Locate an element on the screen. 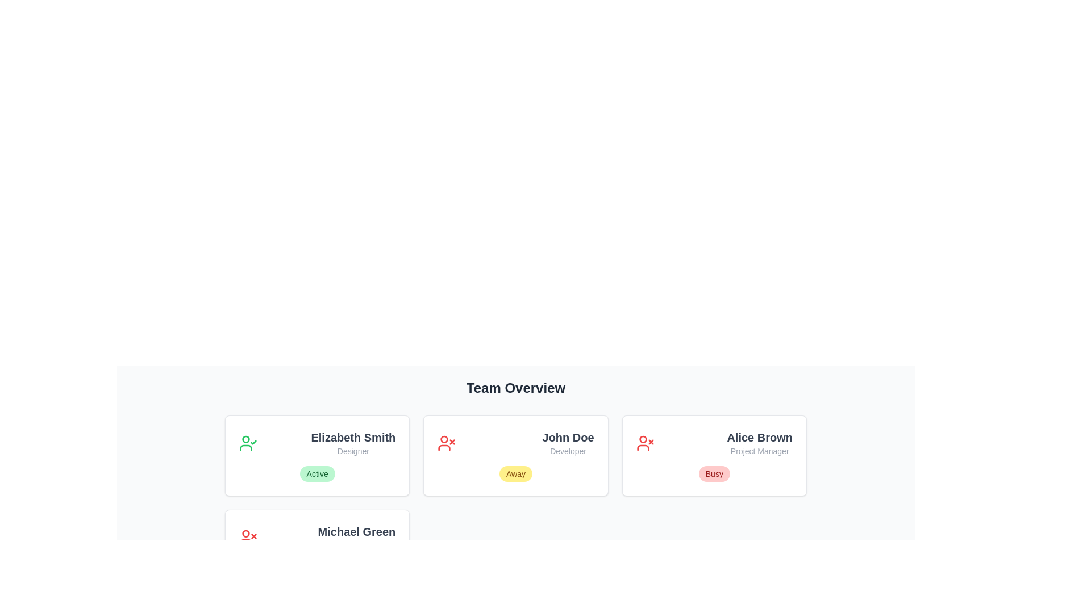 Image resolution: width=1091 pixels, height=613 pixels. the red user profile icon with an 'X' next to it, which is located to the left of the text 'Michael Green' and 'Tester' is located at coordinates (247, 537).